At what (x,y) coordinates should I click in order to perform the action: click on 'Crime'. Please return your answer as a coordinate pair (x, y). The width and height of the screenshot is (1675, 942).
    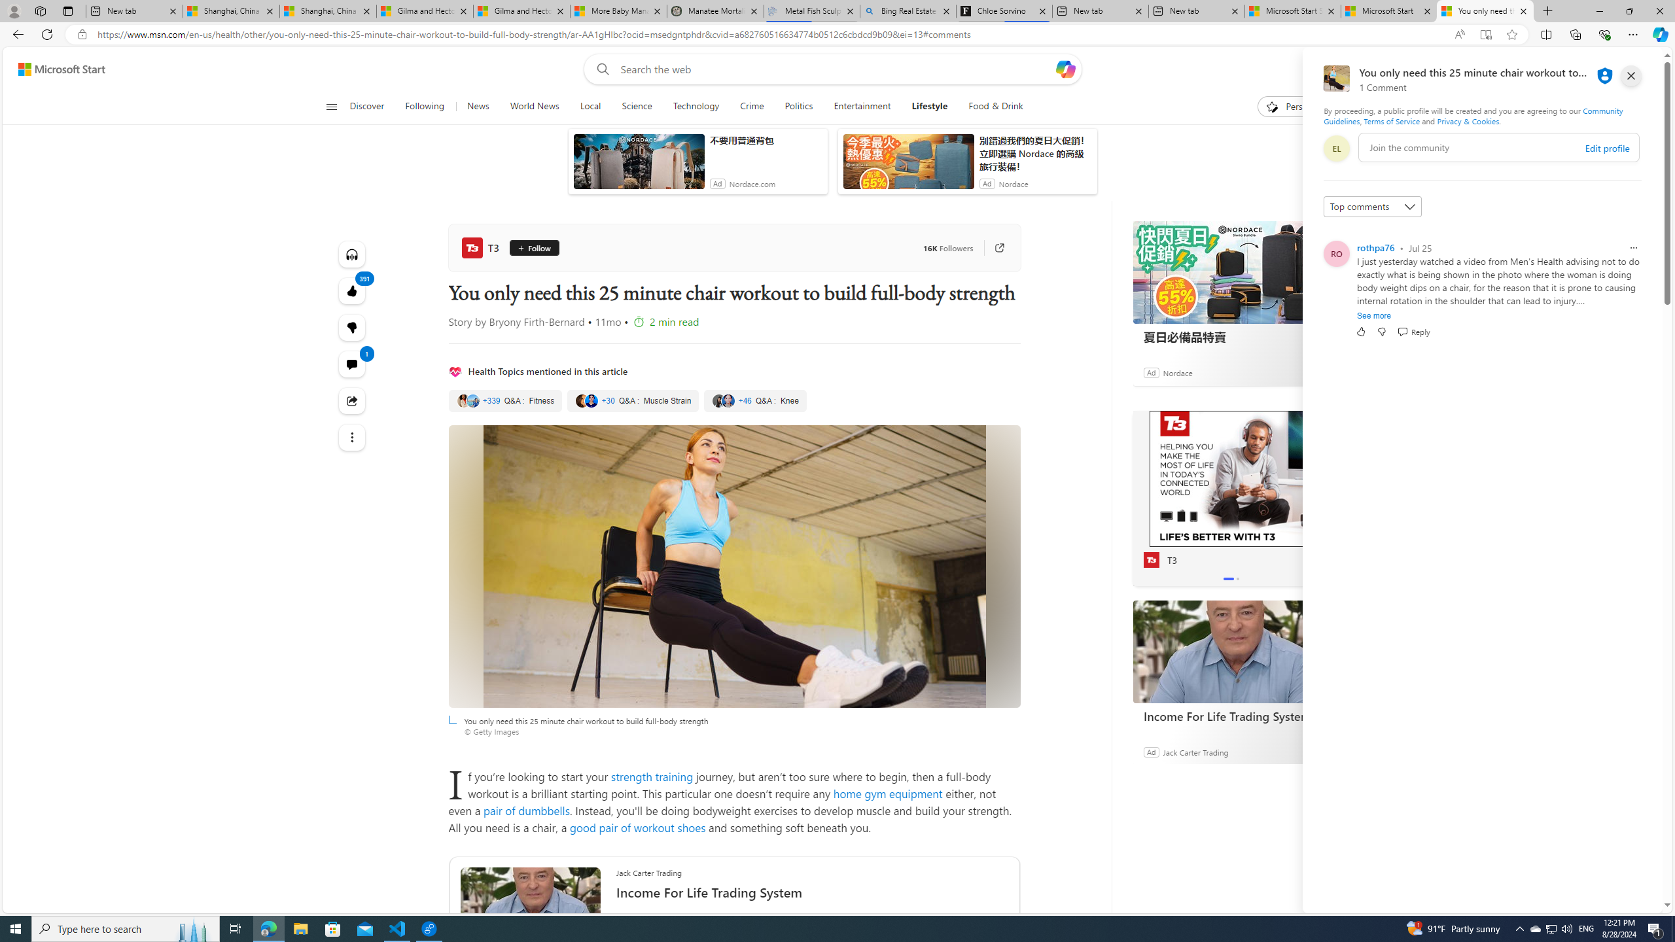
    Looking at the image, I should click on (752, 106).